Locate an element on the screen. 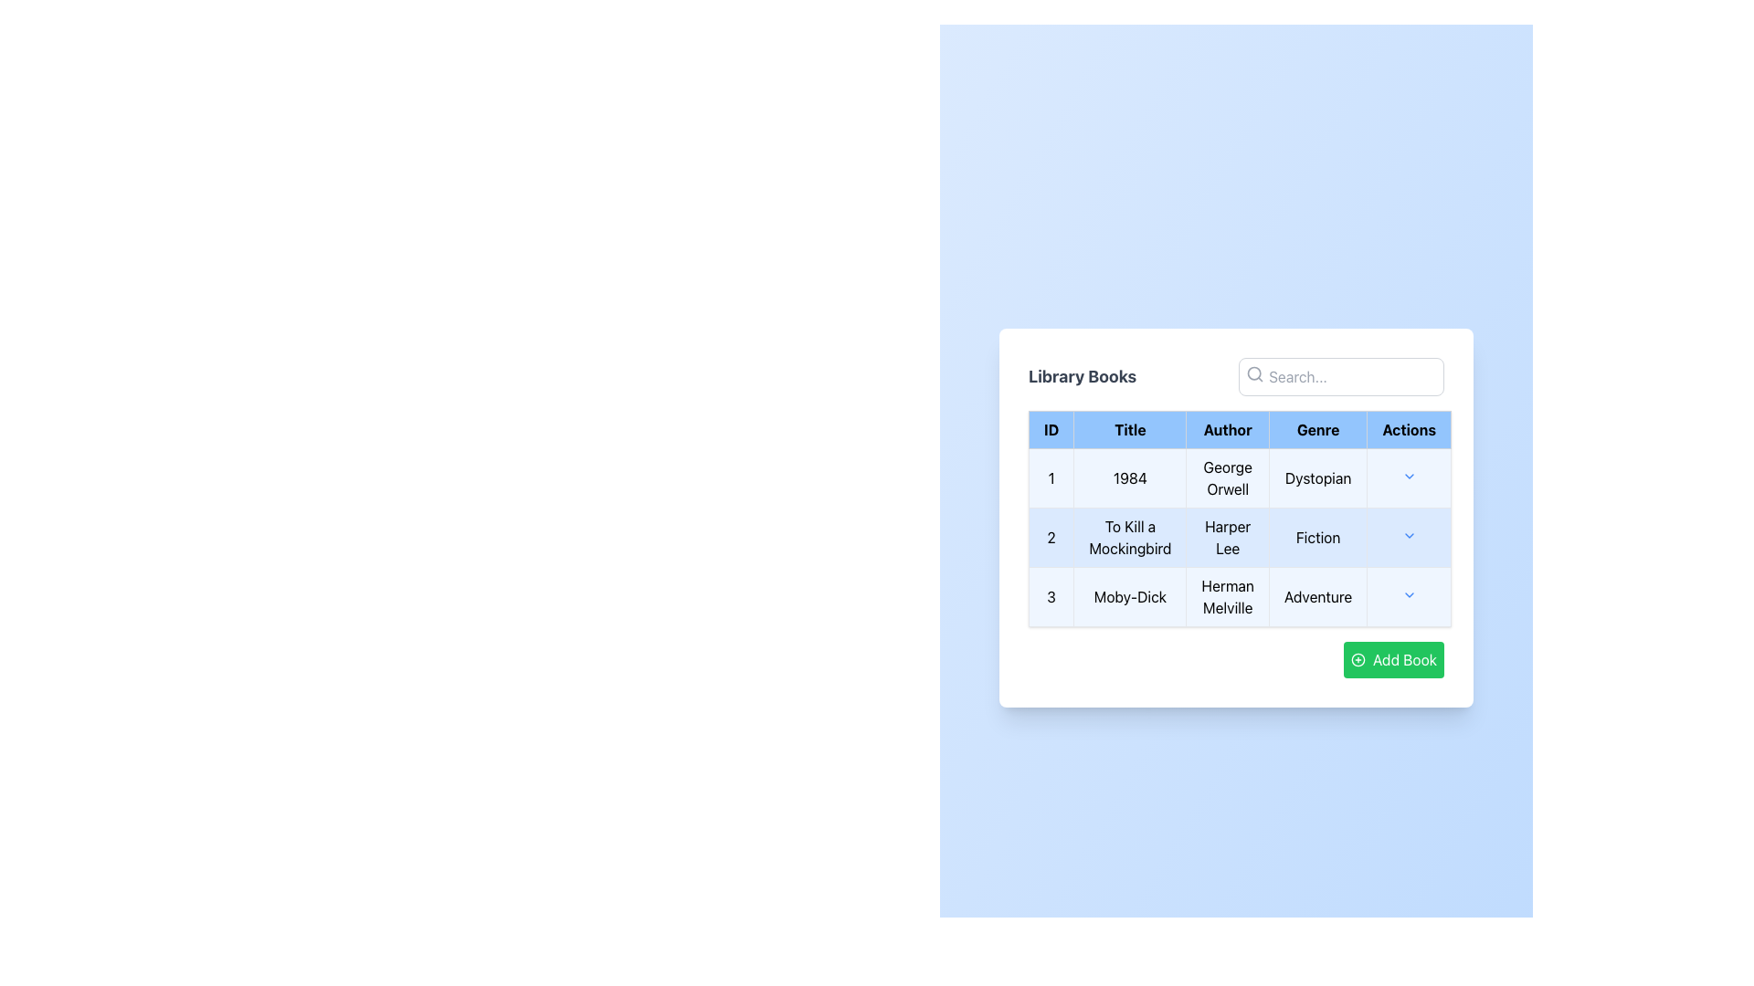 The width and height of the screenshot is (1754, 986). the text label displaying the title of a book in the second row of the table, located in the 'Title' column, adjacent to '2' in the 'ID' column and 'Harper Lee' in the 'Author' column is located at coordinates (1129, 536).